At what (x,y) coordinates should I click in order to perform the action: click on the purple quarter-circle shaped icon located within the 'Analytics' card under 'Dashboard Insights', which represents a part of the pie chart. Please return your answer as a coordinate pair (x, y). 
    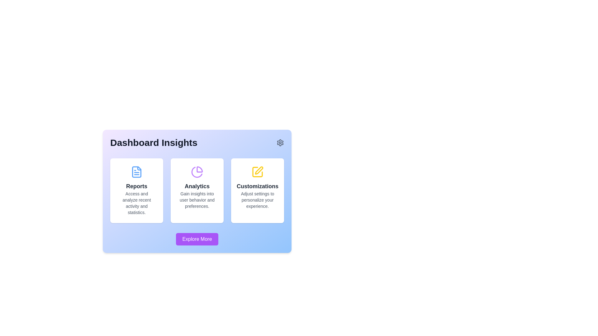
    Looking at the image, I should click on (200, 169).